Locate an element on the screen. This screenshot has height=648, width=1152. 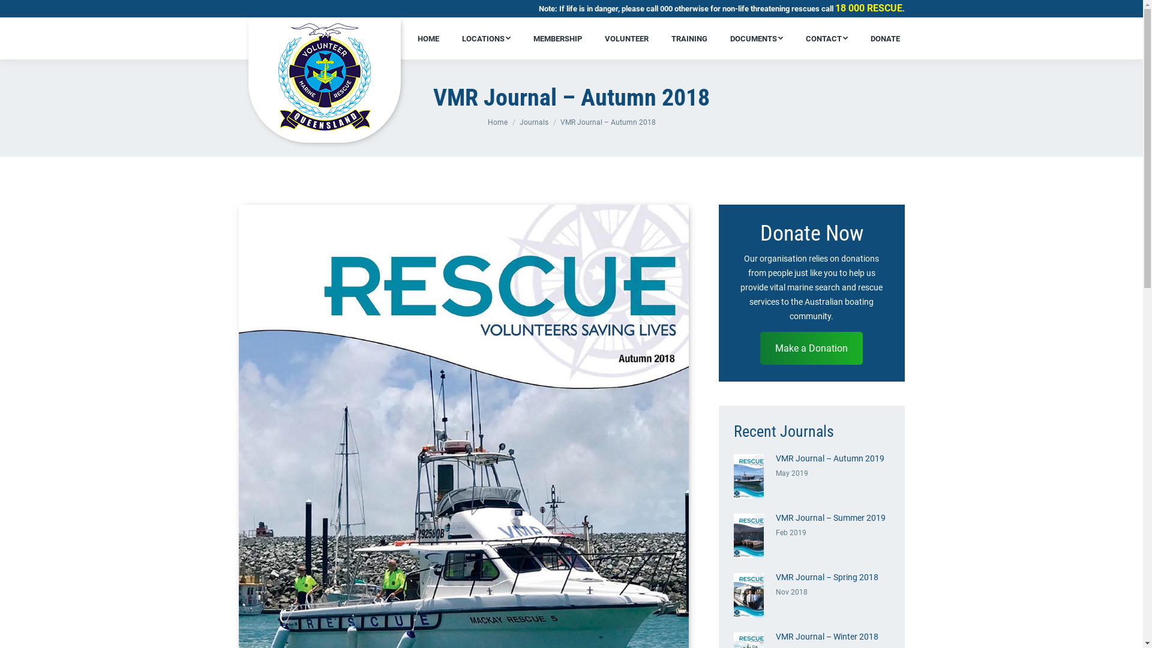
'Home' is located at coordinates (487, 122).